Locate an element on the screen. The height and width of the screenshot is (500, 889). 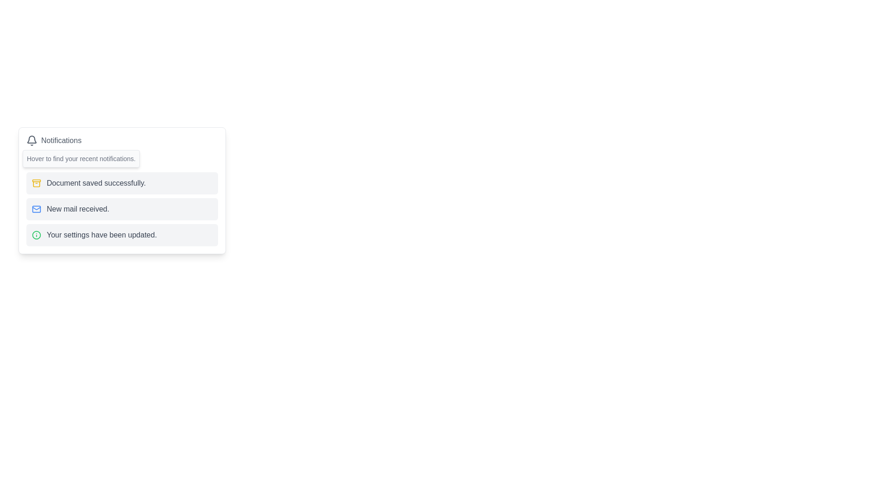
the envelope icon indicating a new mail notification located on the left side of the 'New mail received' notification item is located at coordinates (36, 209).